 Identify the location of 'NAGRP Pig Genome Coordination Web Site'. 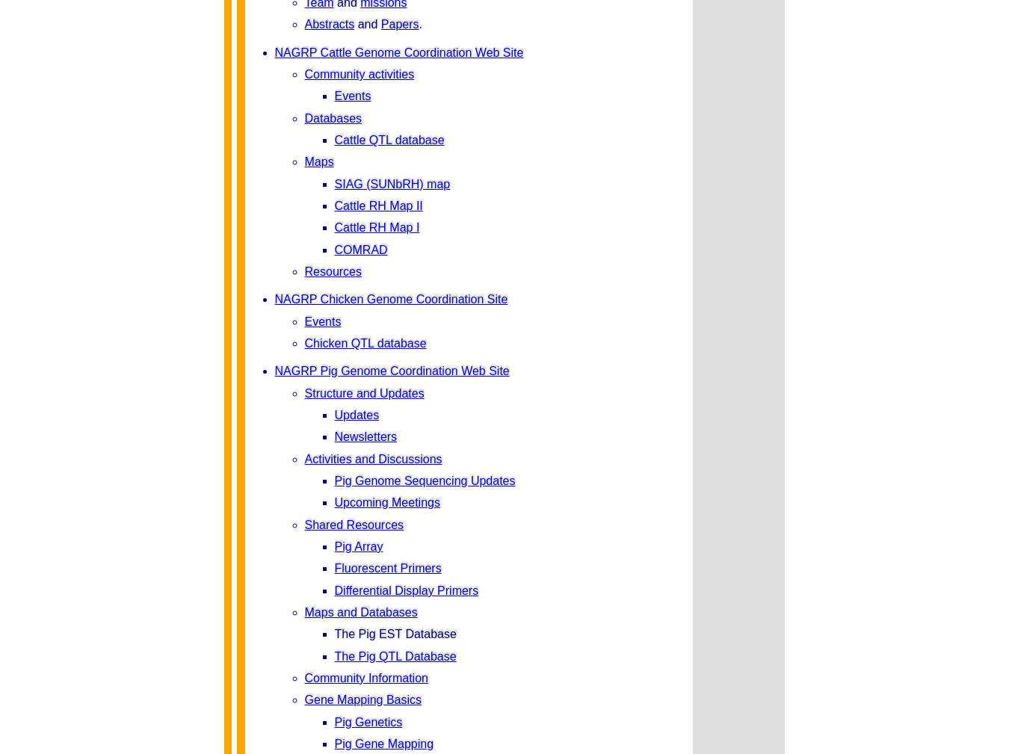
(390, 370).